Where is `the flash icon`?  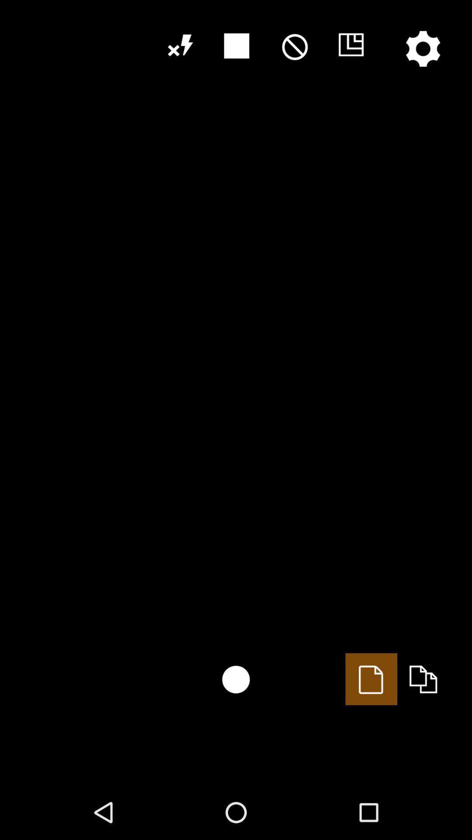 the flash icon is located at coordinates (179, 45).